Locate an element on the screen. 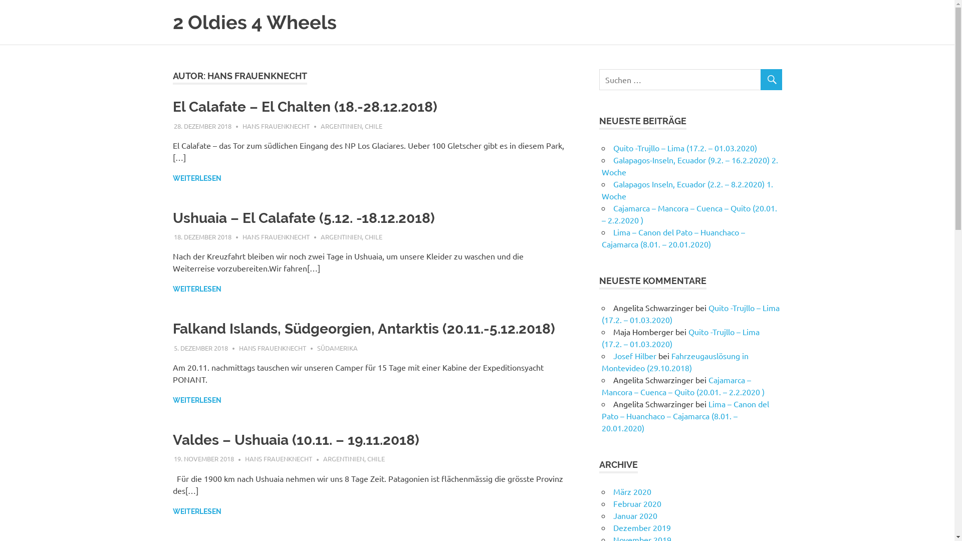 This screenshot has height=541, width=962. 'Zum Inhalt springen' is located at coordinates (0, 0).